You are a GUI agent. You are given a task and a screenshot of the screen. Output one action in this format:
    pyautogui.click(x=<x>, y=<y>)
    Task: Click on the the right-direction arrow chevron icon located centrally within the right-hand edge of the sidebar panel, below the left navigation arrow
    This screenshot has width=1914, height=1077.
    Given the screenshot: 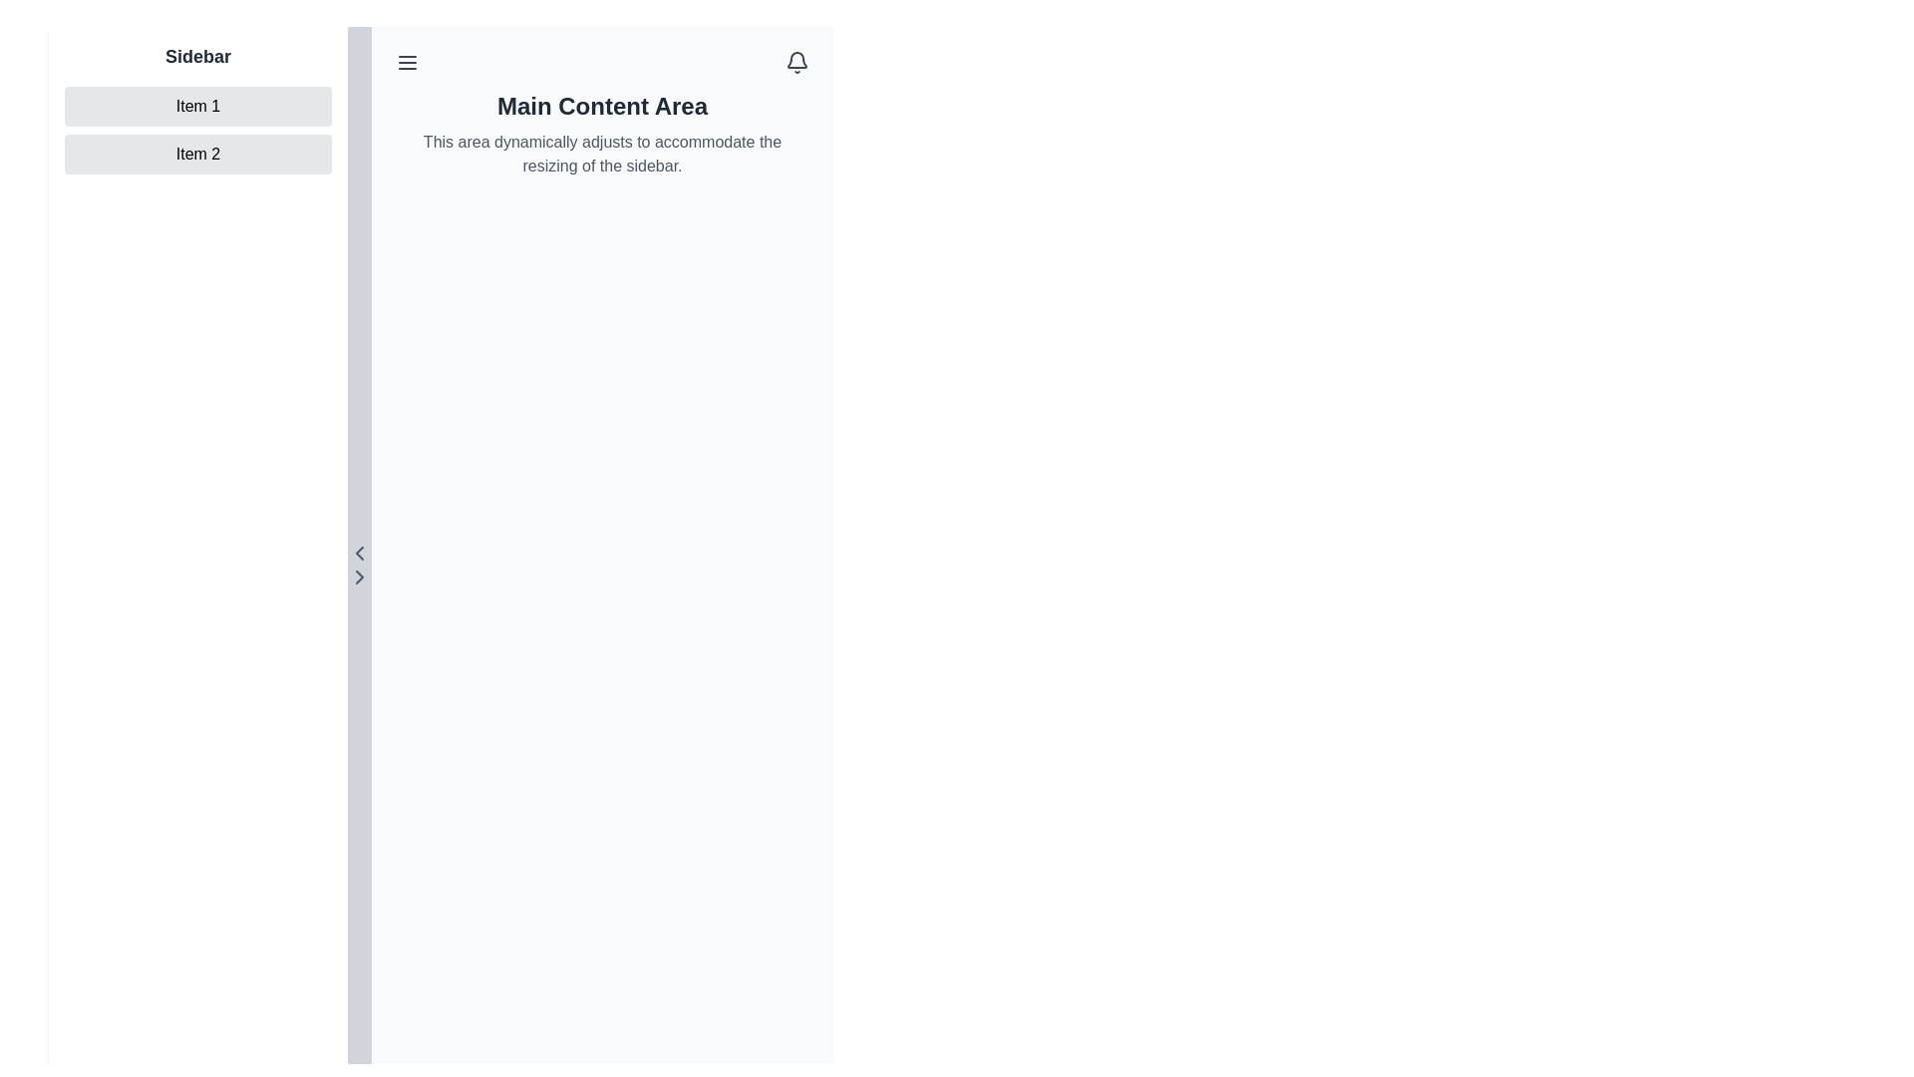 What is the action you would take?
    pyautogui.click(x=359, y=576)
    